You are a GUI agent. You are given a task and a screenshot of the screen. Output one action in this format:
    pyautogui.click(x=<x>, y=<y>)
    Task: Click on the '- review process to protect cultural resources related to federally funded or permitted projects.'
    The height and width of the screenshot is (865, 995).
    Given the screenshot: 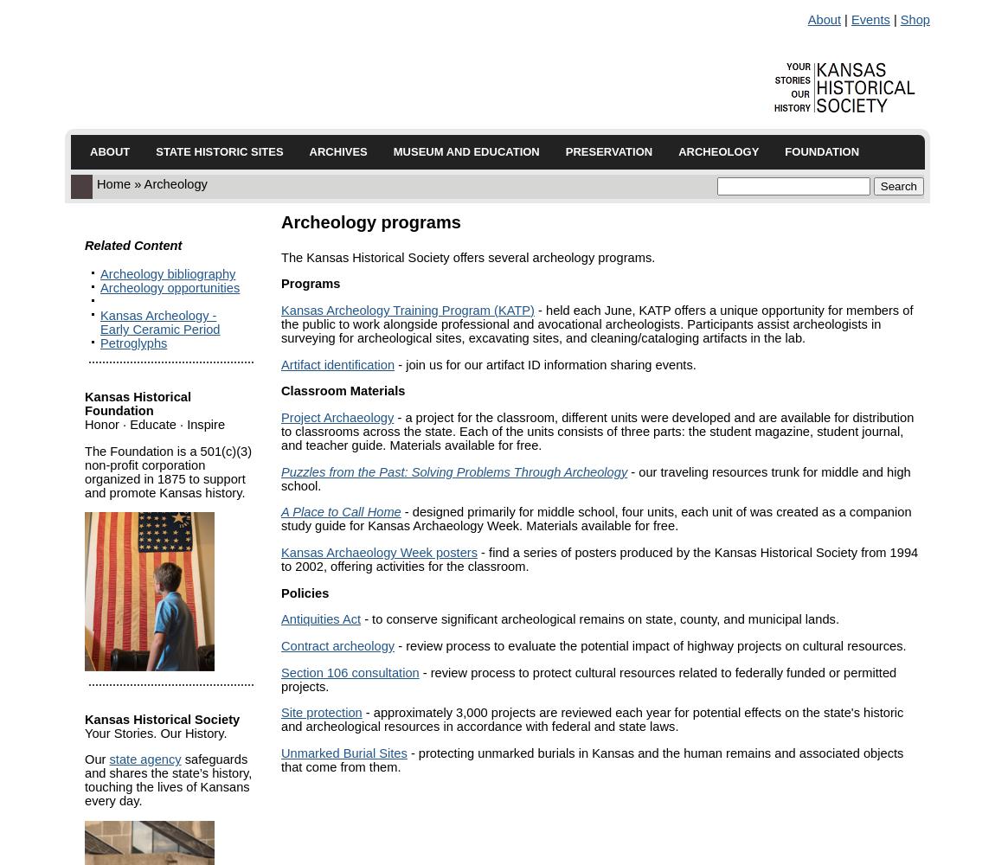 What is the action you would take?
    pyautogui.click(x=587, y=679)
    